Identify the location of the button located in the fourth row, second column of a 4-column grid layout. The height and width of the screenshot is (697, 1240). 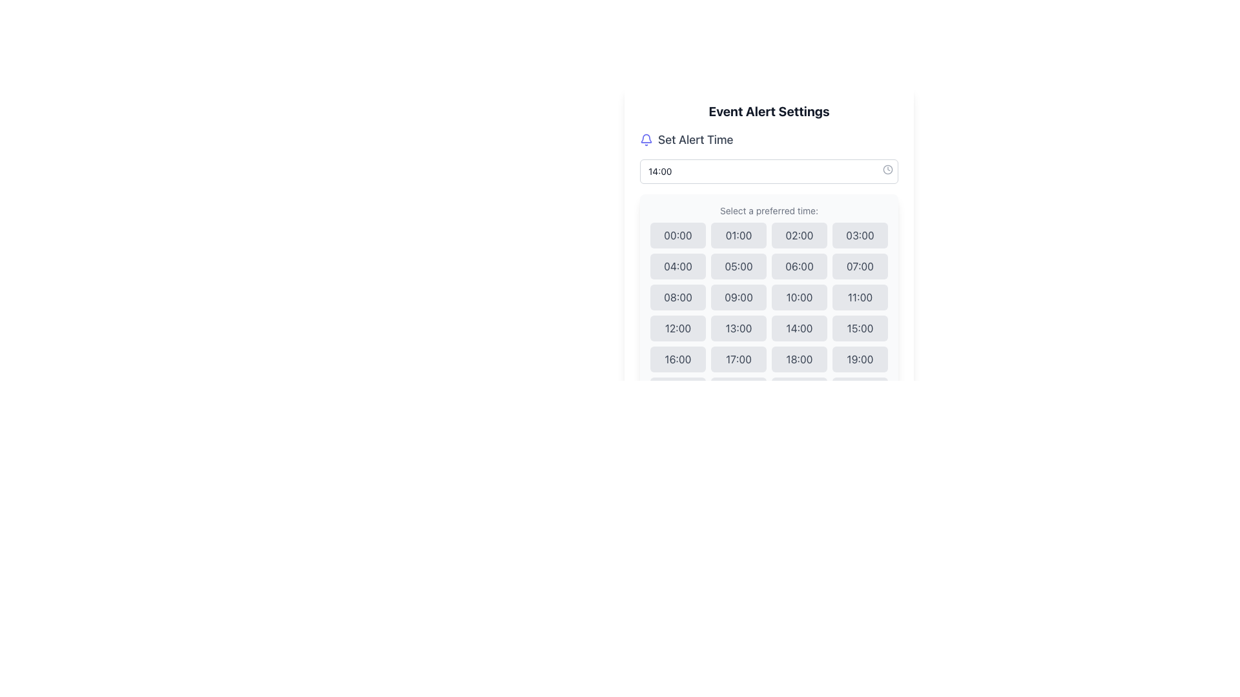
(738, 328).